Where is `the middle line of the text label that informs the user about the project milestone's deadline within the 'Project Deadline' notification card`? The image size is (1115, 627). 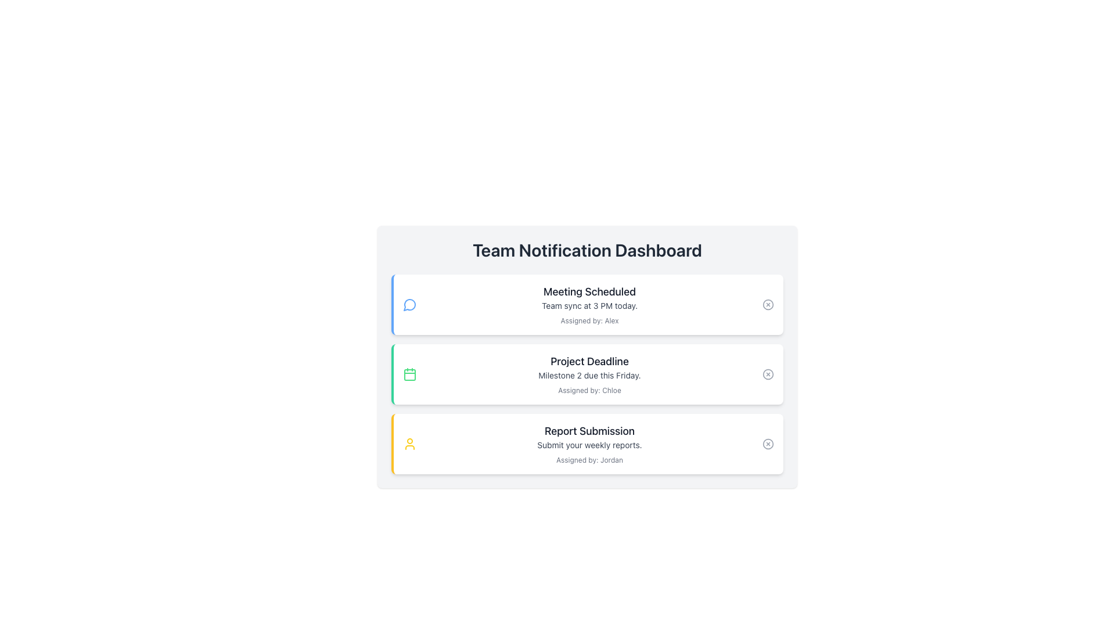 the middle line of the text label that informs the user about the project milestone's deadline within the 'Project Deadline' notification card is located at coordinates (589, 376).